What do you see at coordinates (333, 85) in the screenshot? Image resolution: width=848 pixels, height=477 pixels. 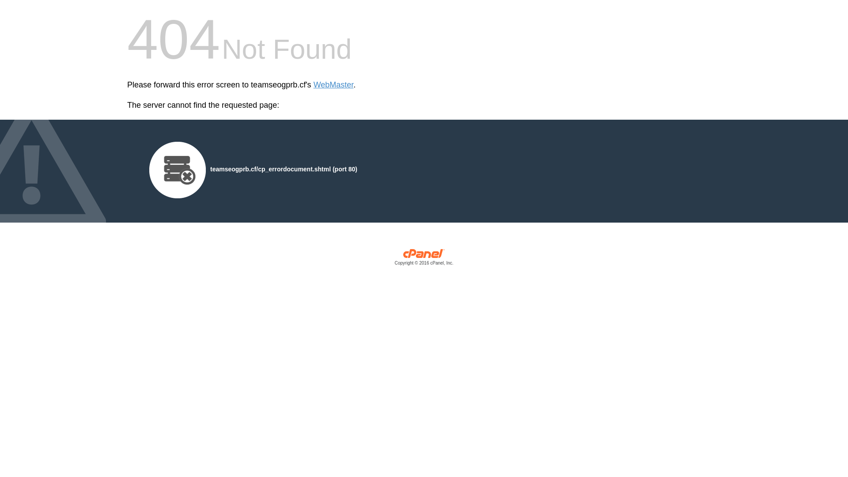 I see `'WebMaster'` at bounding box center [333, 85].